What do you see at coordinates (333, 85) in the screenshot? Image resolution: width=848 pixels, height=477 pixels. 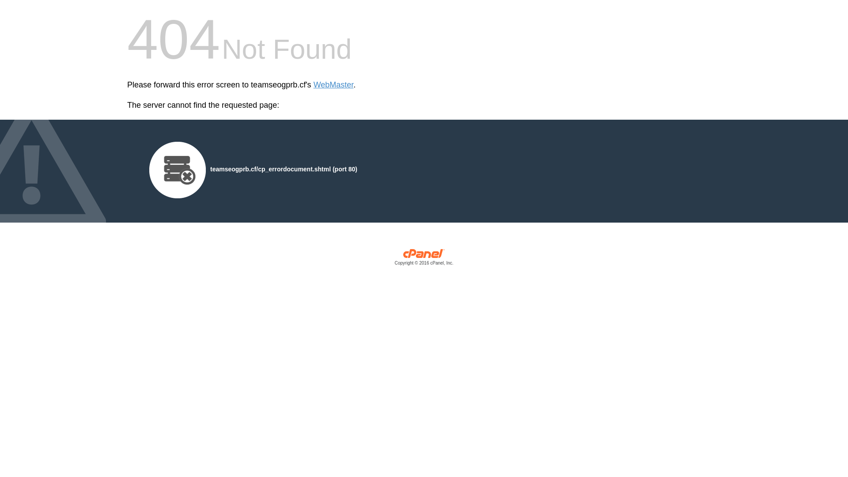 I see `'WebMaster'` at bounding box center [333, 85].